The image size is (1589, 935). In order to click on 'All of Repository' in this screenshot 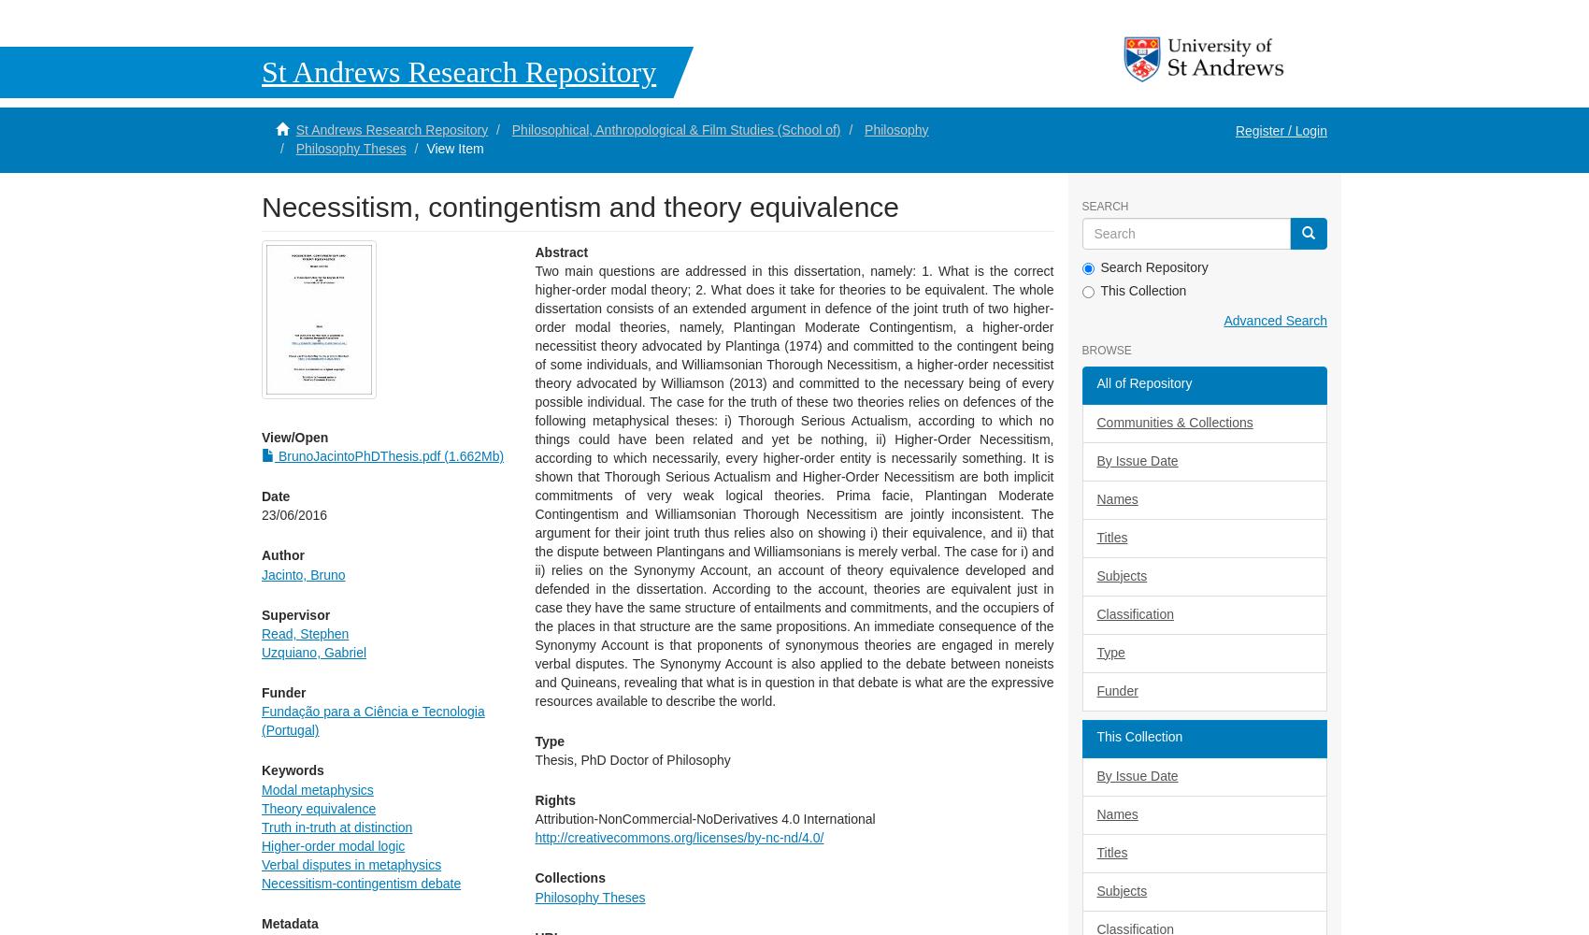, I will do `click(1143, 382)`.